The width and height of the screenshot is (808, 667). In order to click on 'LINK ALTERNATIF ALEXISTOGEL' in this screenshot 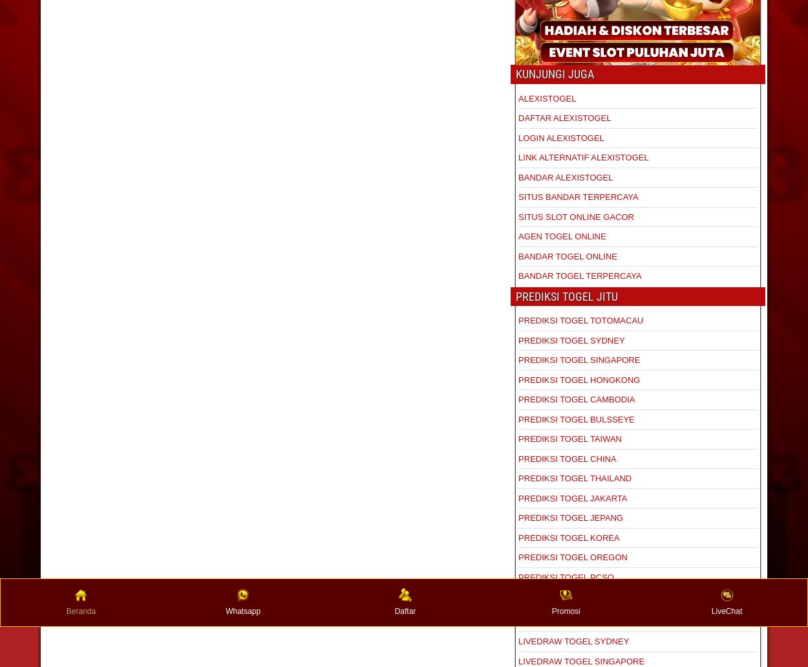, I will do `click(583, 157)`.